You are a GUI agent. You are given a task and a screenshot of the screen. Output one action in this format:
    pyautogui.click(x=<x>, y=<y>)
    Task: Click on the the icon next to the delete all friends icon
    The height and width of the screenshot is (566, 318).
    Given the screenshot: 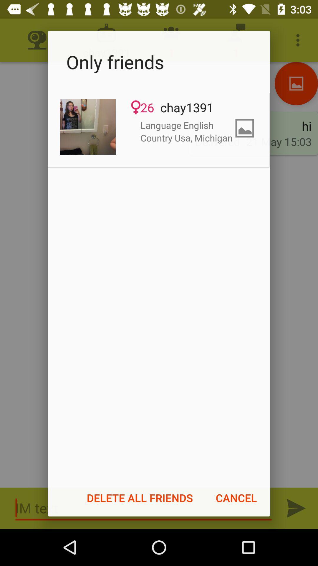 What is the action you would take?
    pyautogui.click(x=236, y=498)
    